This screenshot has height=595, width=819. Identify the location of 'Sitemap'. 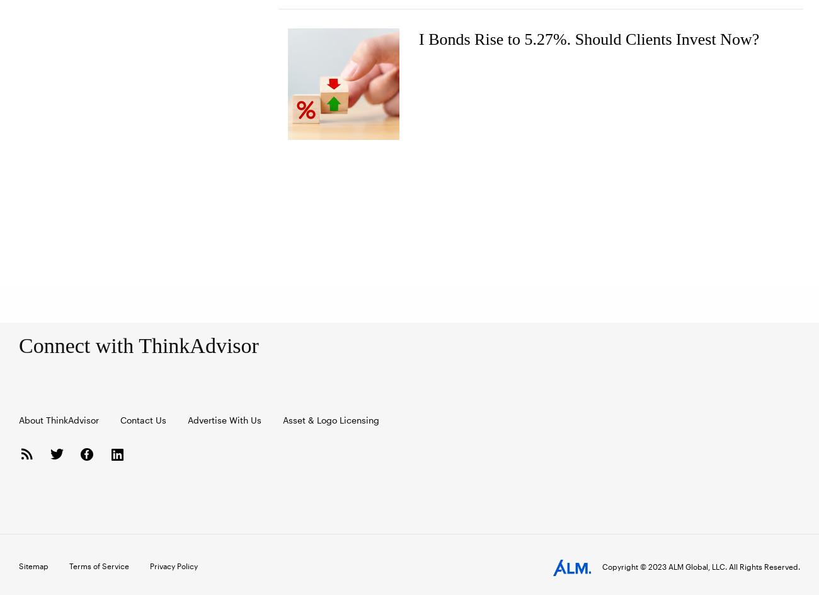
(18, 564).